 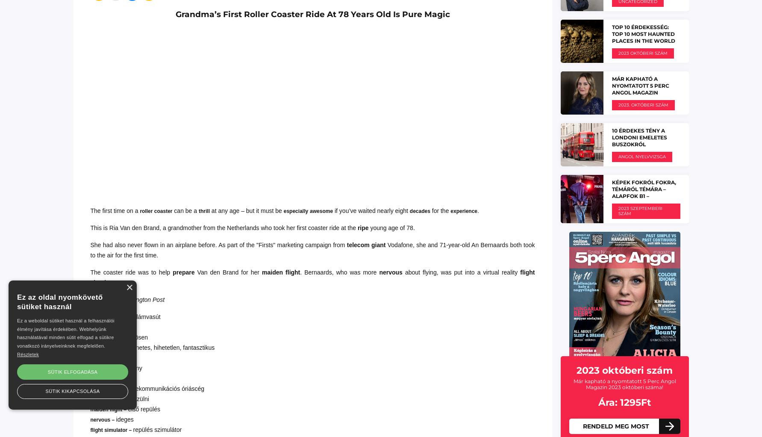 I want to click on 'ideges', so click(x=116, y=418).